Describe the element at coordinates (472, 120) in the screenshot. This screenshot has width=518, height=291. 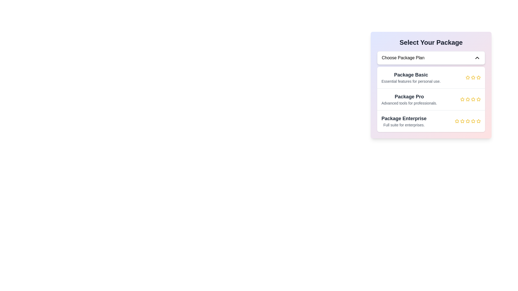
I see `the fifth star-shaped icon, highlighted in yellow, to provide a rating for the 'Package Enterprise' option in the 'Select Your Package' section` at that location.